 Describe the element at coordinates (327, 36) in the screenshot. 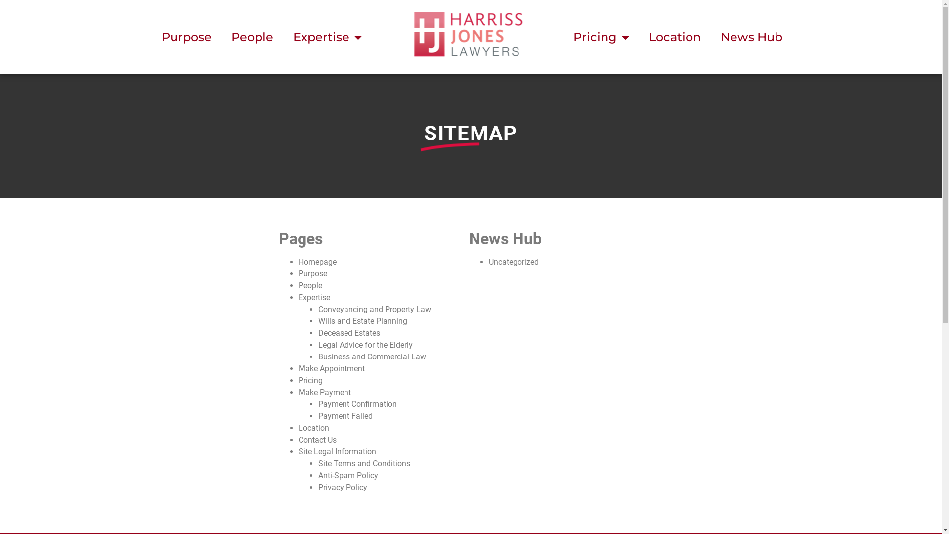

I see `'Expertise'` at that location.